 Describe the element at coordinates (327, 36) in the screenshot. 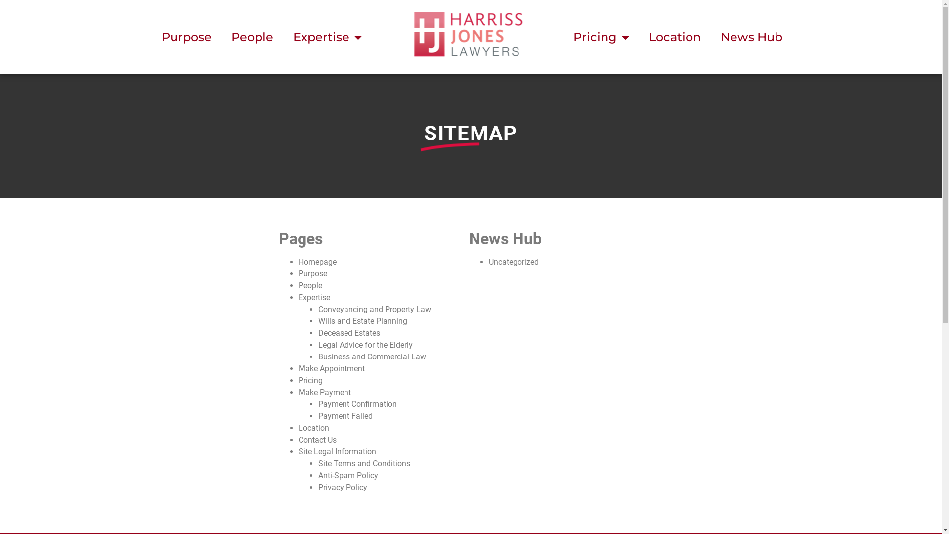

I see `'Expertise'` at that location.